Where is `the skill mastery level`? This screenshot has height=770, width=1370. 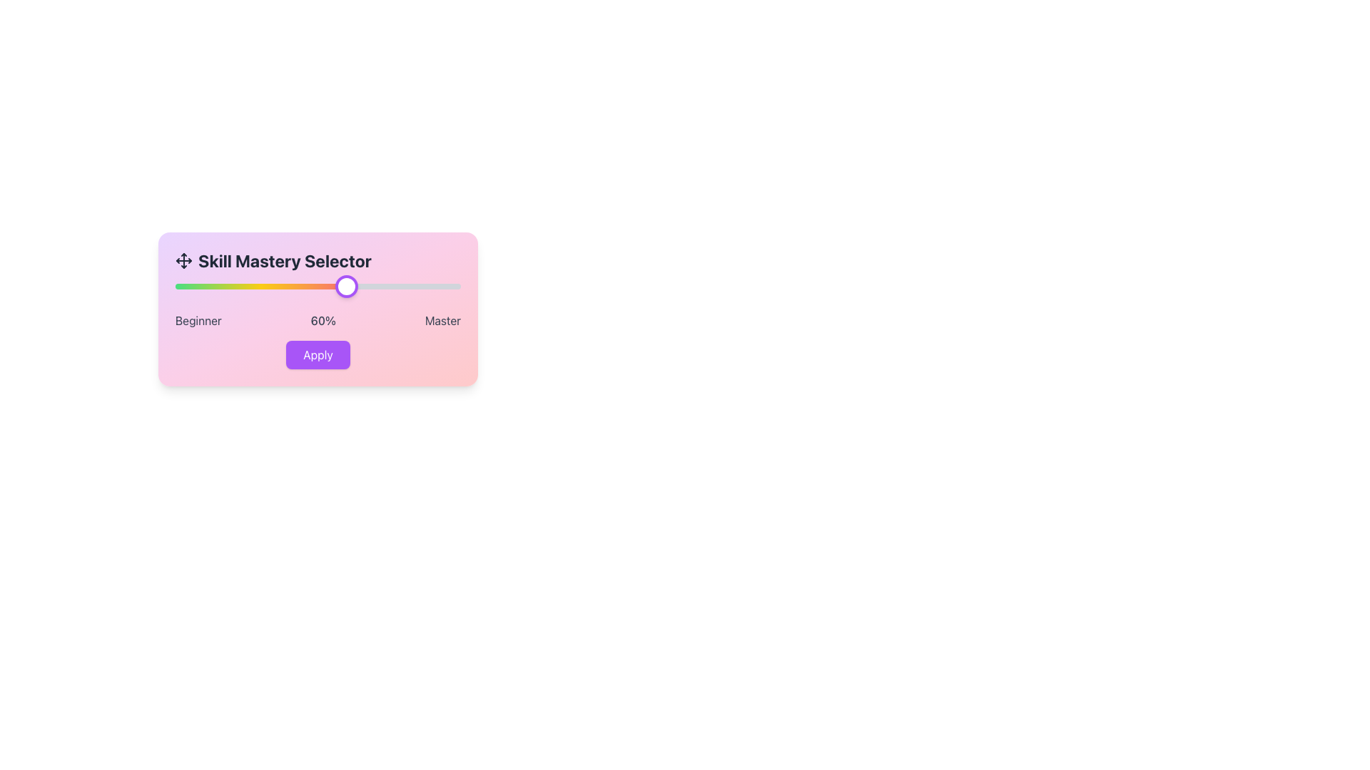
the skill mastery level is located at coordinates (188, 286).